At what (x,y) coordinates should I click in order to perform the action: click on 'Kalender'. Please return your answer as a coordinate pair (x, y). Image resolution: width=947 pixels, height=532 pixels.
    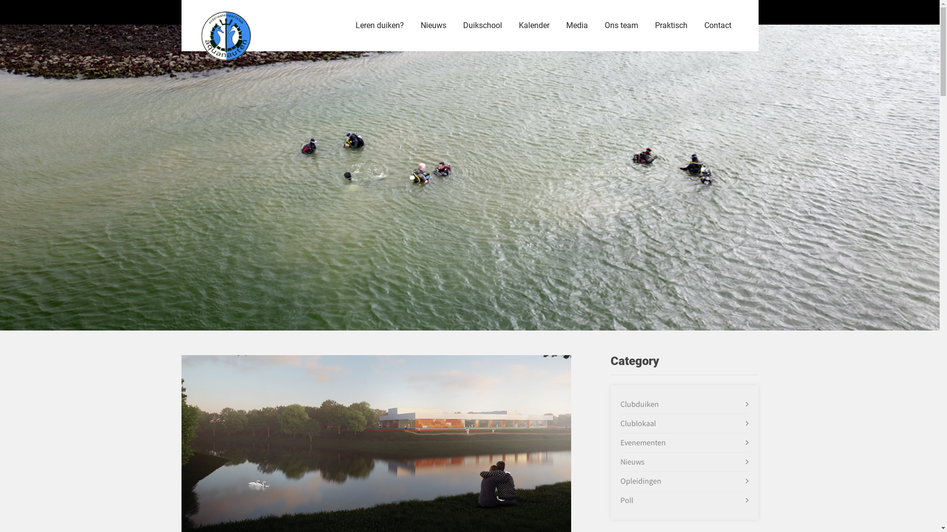
    Looking at the image, I should click on (511, 25).